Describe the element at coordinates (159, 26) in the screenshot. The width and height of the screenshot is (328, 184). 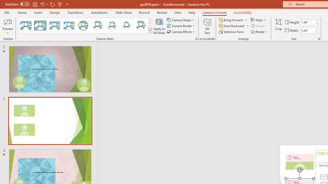
I see `'Apply to All Slides'` at that location.